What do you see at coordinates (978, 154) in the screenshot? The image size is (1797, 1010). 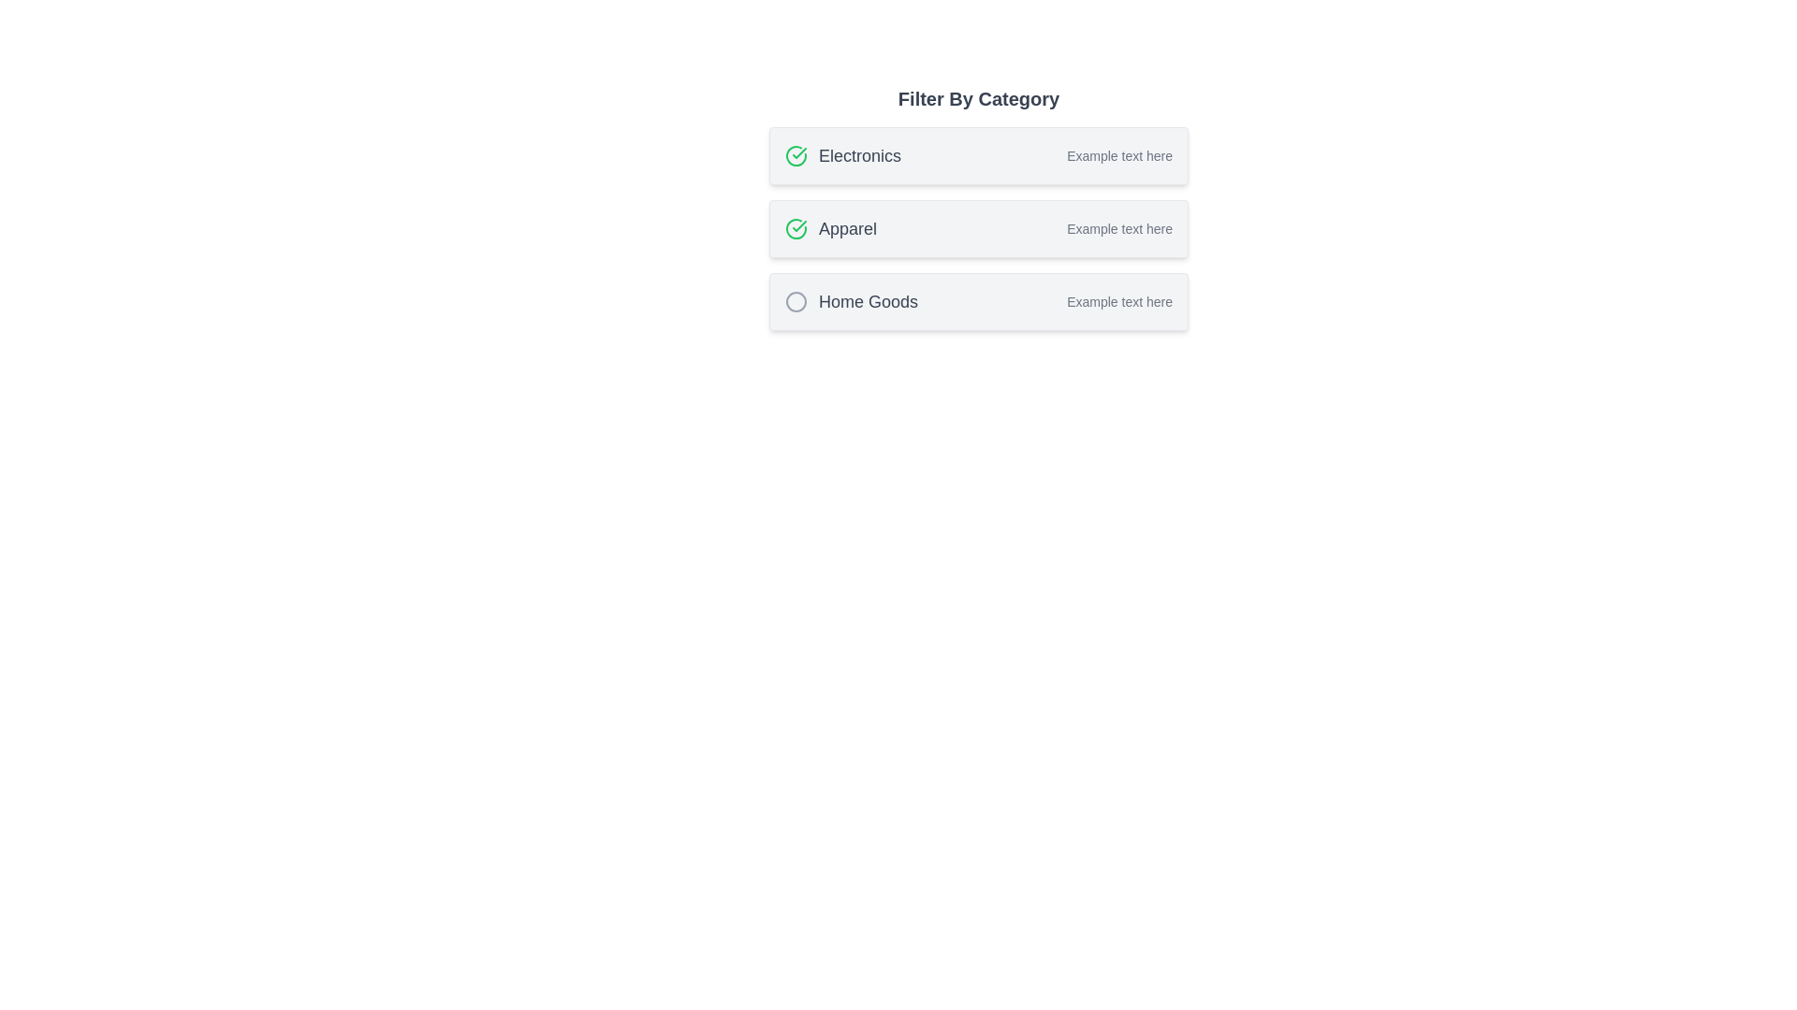 I see `the 'Electronics' category card` at bounding box center [978, 154].